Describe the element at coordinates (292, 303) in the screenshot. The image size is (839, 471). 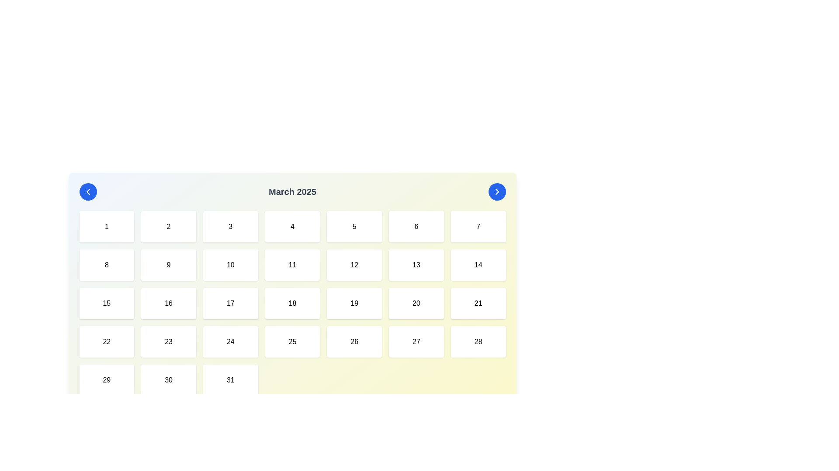
I see `the button displaying the number '18' in the calendar grid` at that location.